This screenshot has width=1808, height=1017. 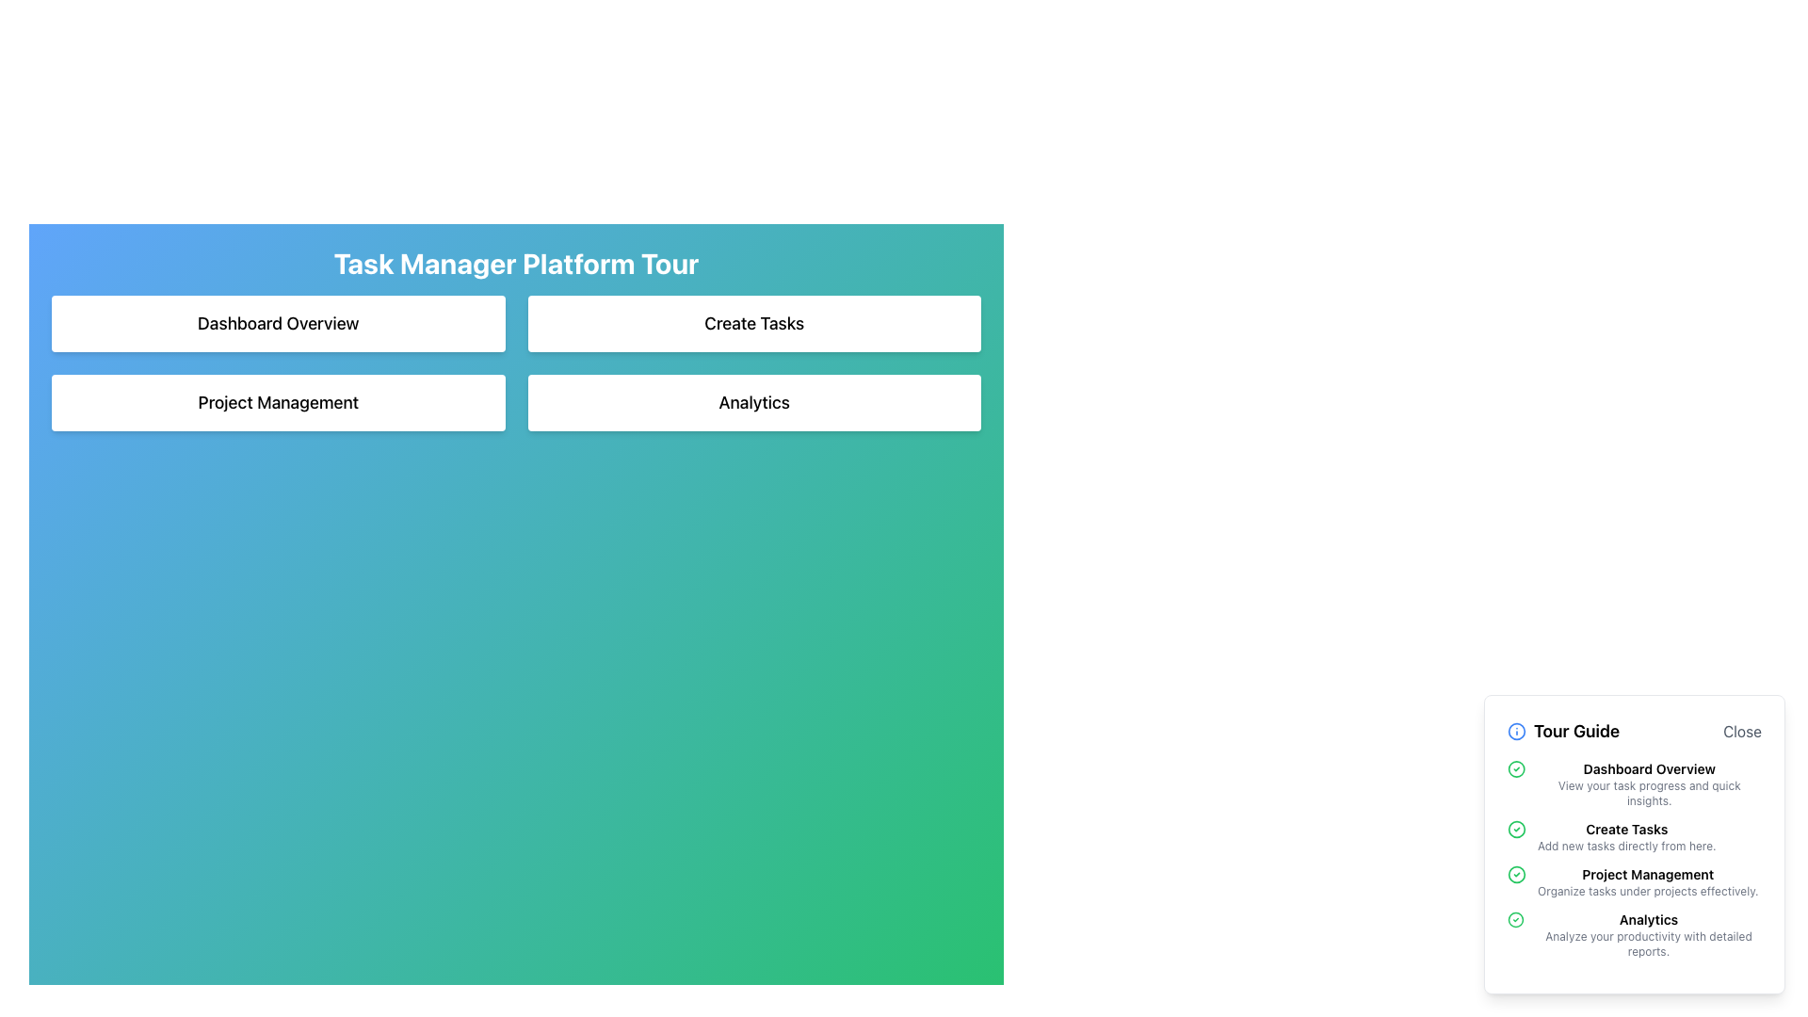 I want to click on the 'Create Tasks' button located in the top-right cell of the grid layout, adjacent, so click(x=754, y=322).